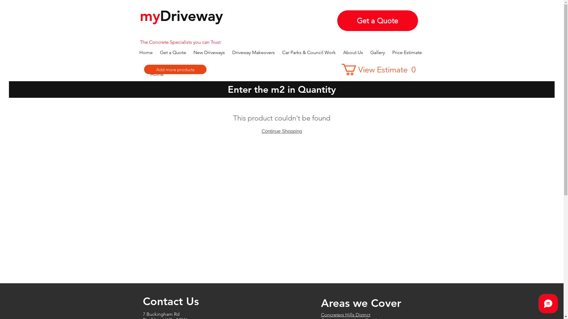 The image size is (568, 319). What do you see at coordinates (367, 52) in the screenshot?
I see `'Gallery'` at bounding box center [367, 52].